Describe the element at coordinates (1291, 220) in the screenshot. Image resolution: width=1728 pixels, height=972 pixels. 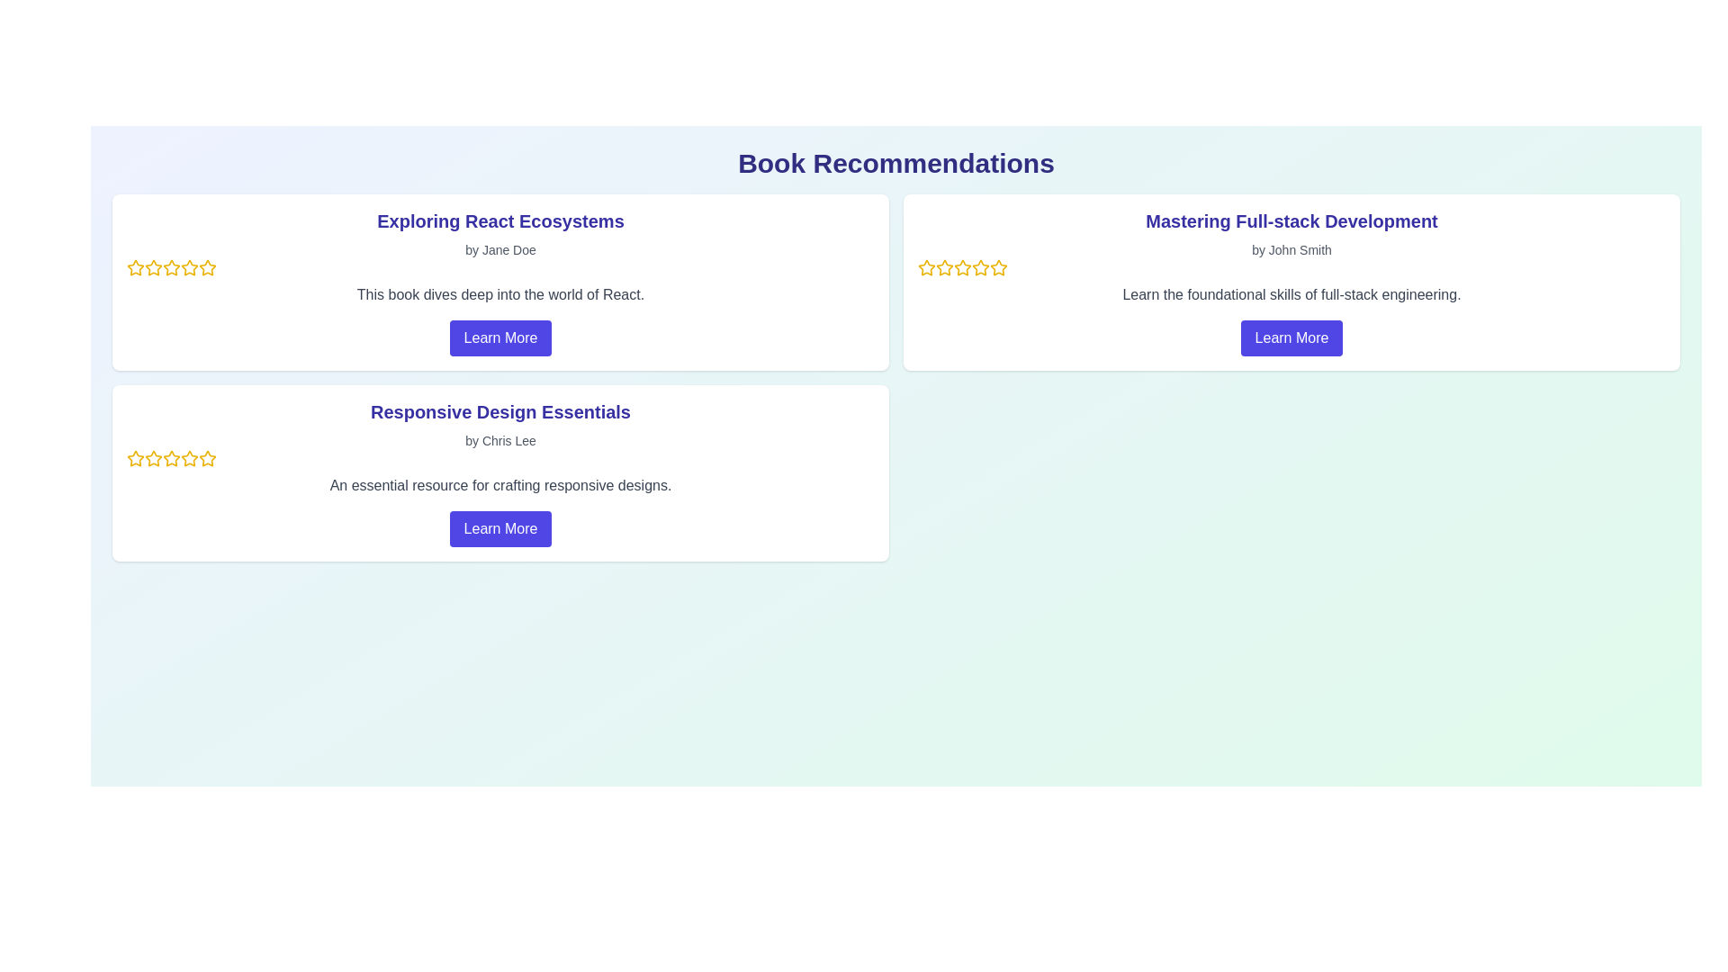
I see `the text label displaying 'Mastering Full-stack Development' which is prominently styled in indigo-blue and located at the top middle of the card` at that location.